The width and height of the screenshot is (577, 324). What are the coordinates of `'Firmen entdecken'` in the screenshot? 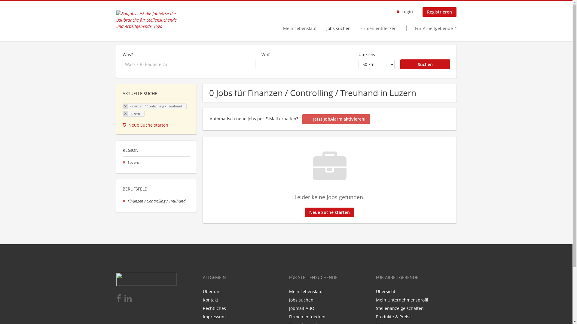 It's located at (360, 28).